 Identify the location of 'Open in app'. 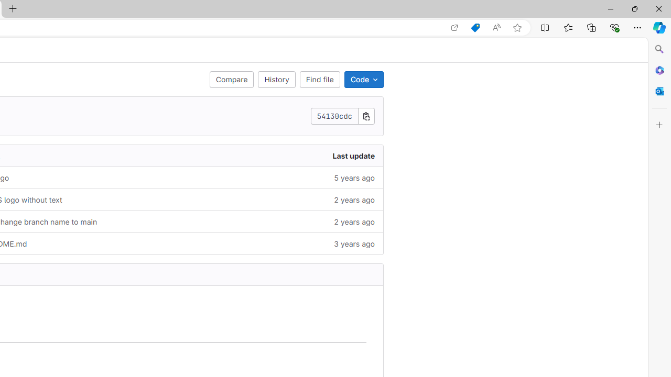
(454, 27).